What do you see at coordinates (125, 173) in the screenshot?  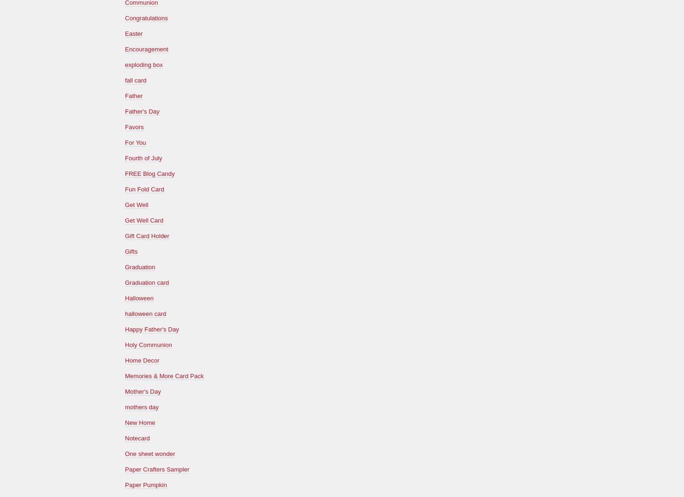 I see `'FREE Blog Candy'` at bounding box center [125, 173].